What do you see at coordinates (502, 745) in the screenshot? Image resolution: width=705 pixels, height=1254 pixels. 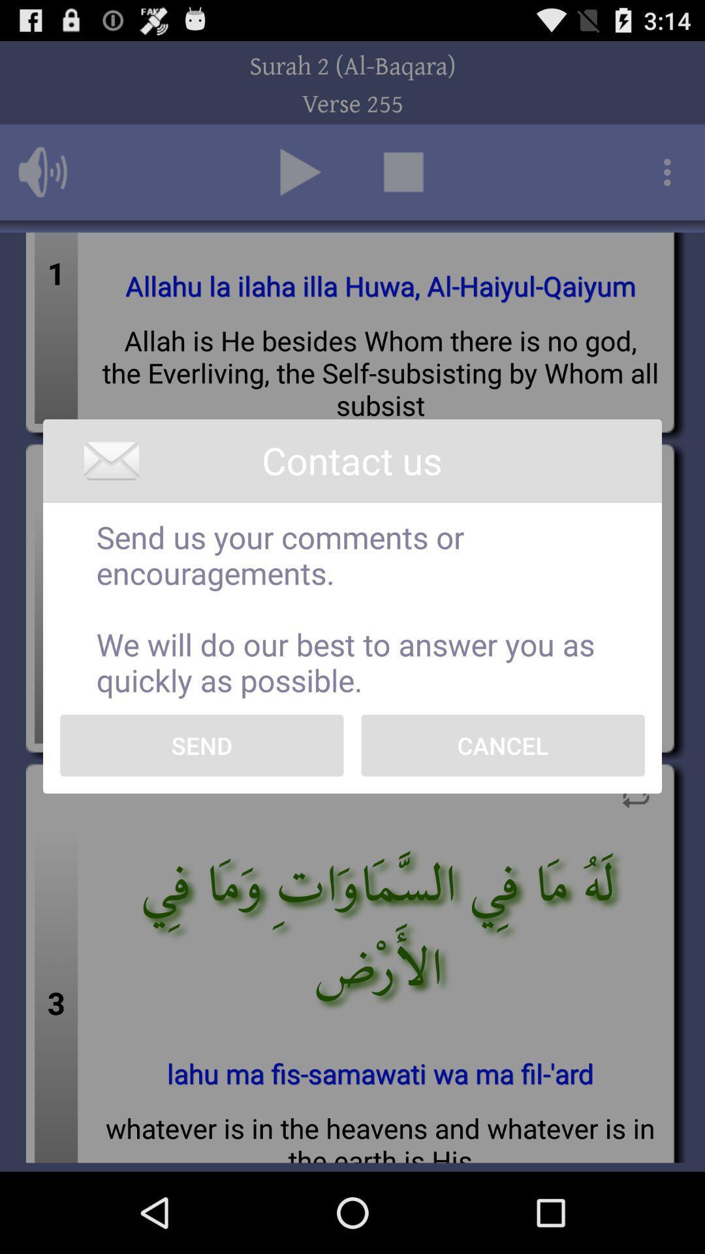 I see `icon on the right` at bounding box center [502, 745].